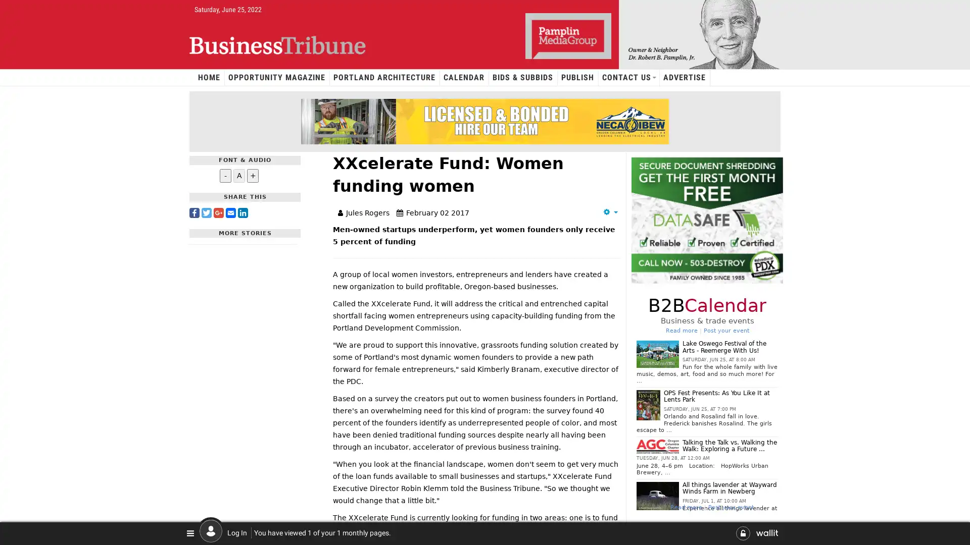 The height and width of the screenshot is (545, 970). Describe the element at coordinates (253, 175) in the screenshot. I see `+` at that location.